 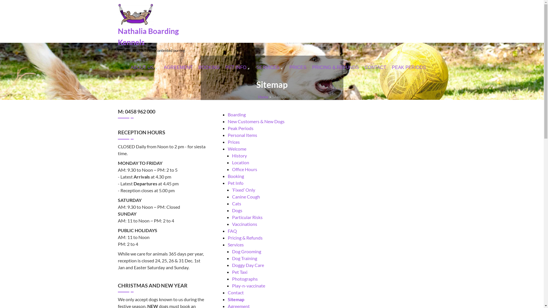 I want to click on 'SERVICES', so click(x=269, y=67).